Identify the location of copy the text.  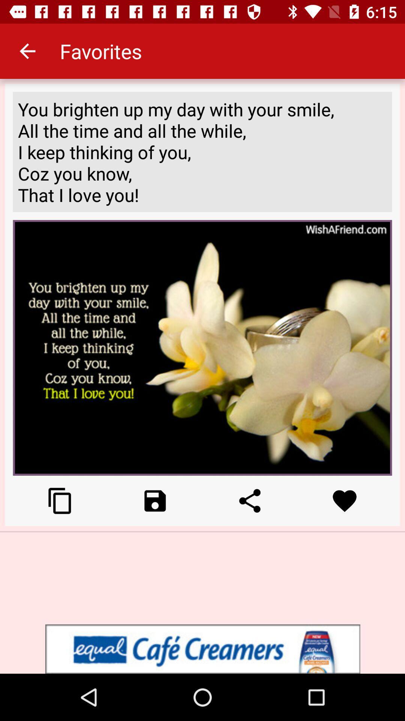
(60, 501).